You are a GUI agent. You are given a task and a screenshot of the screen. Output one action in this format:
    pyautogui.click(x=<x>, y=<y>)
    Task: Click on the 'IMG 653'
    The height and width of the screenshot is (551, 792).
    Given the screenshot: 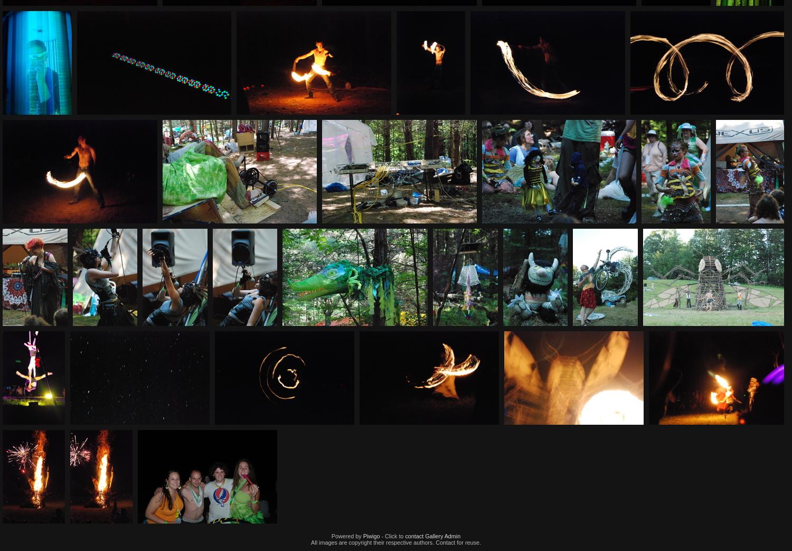 What is the action you would take?
    pyautogui.click(x=714, y=333)
    